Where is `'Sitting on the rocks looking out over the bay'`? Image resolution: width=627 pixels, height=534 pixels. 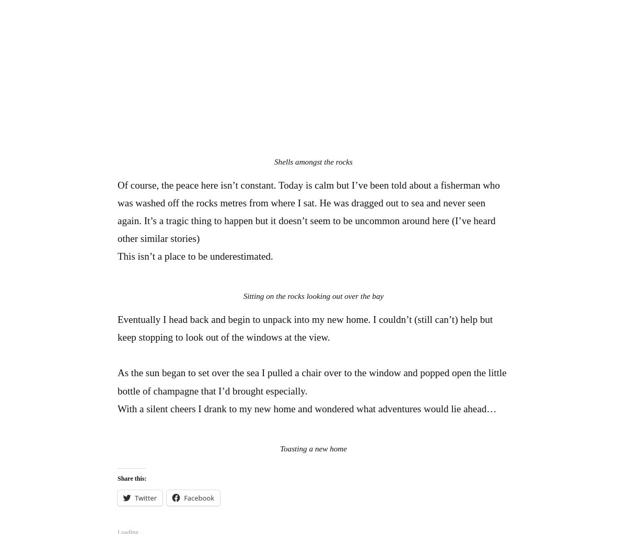
'Sitting on the rocks looking out over the bay' is located at coordinates (312, 296).